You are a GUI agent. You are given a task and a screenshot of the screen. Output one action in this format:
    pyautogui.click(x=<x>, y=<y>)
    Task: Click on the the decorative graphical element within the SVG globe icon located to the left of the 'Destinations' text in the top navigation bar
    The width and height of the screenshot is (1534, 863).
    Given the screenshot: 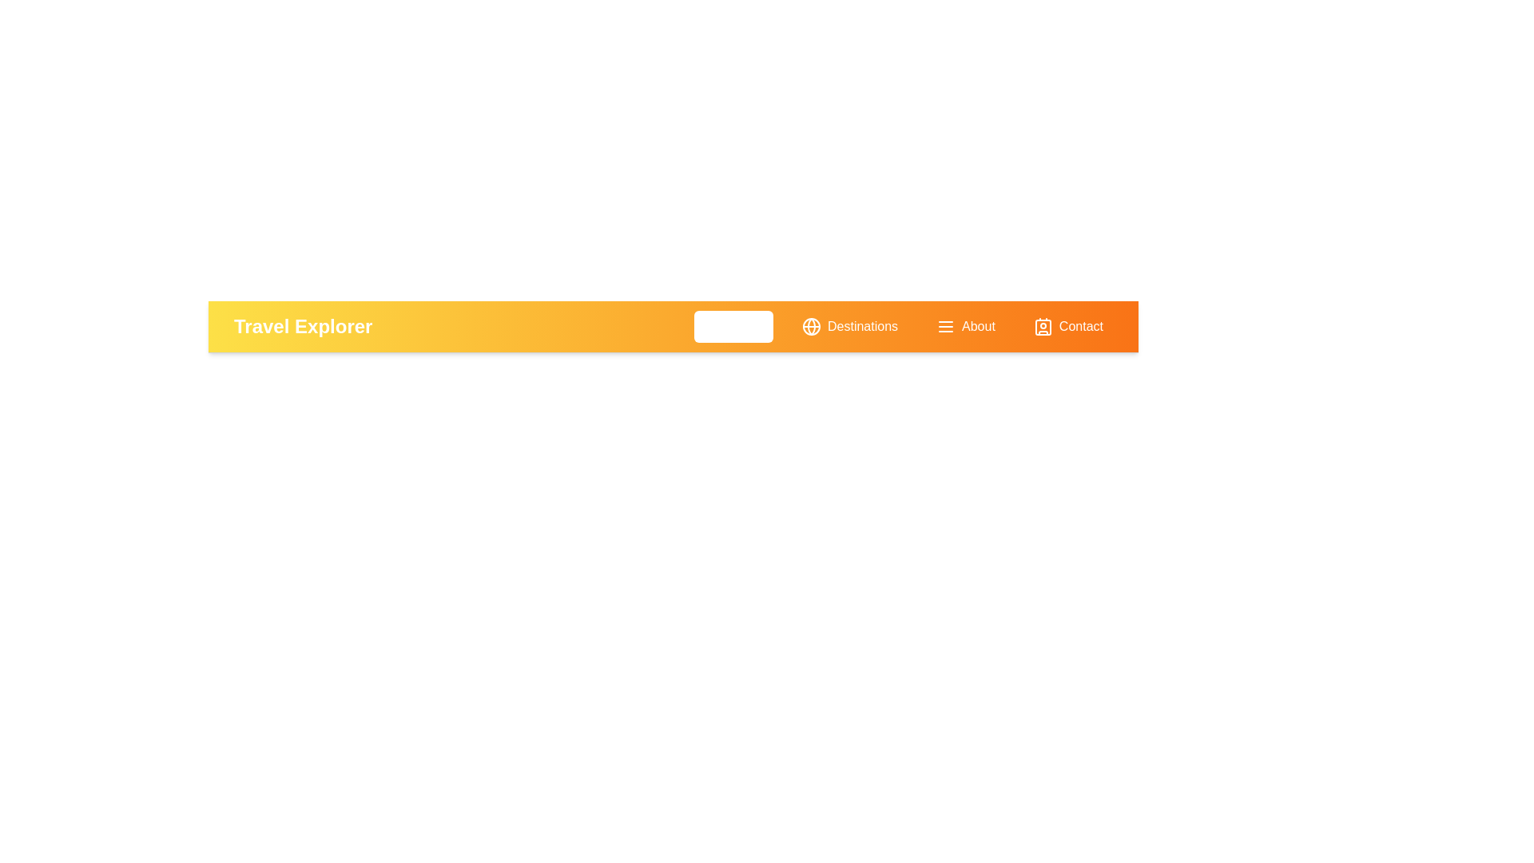 What is the action you would take?
    pyautogui.click(x=812, y=325)
    